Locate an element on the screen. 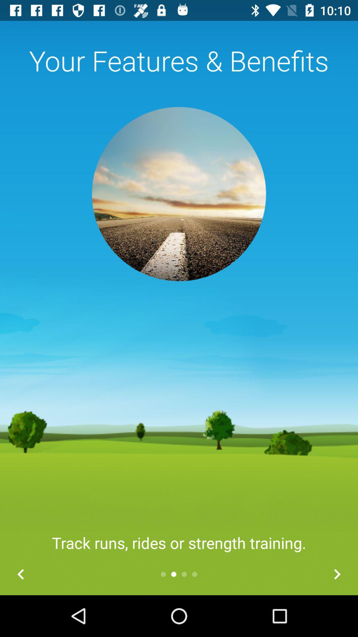 The image size is (358, 637). the arrow_backward icon is located at coordinates (20, 574).